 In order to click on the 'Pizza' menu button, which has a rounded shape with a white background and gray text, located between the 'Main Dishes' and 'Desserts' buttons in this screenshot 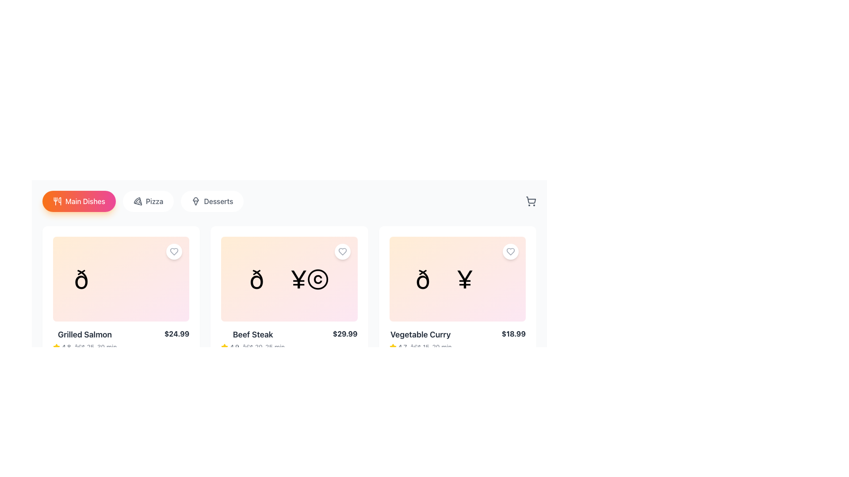, I will do `click(143, 201)`.